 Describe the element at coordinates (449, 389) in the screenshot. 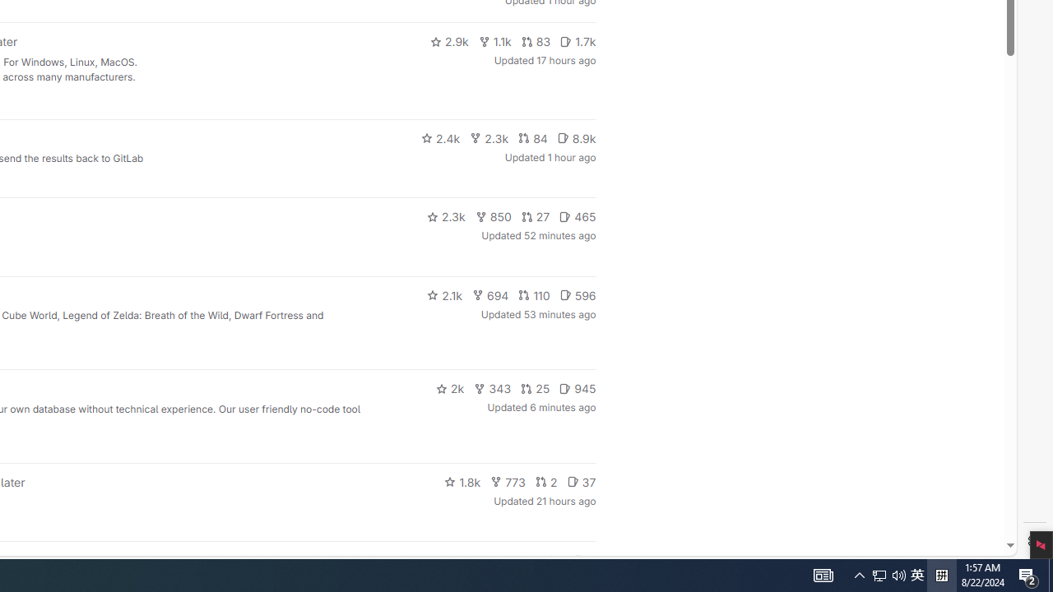

I see `'2k'` at that location.